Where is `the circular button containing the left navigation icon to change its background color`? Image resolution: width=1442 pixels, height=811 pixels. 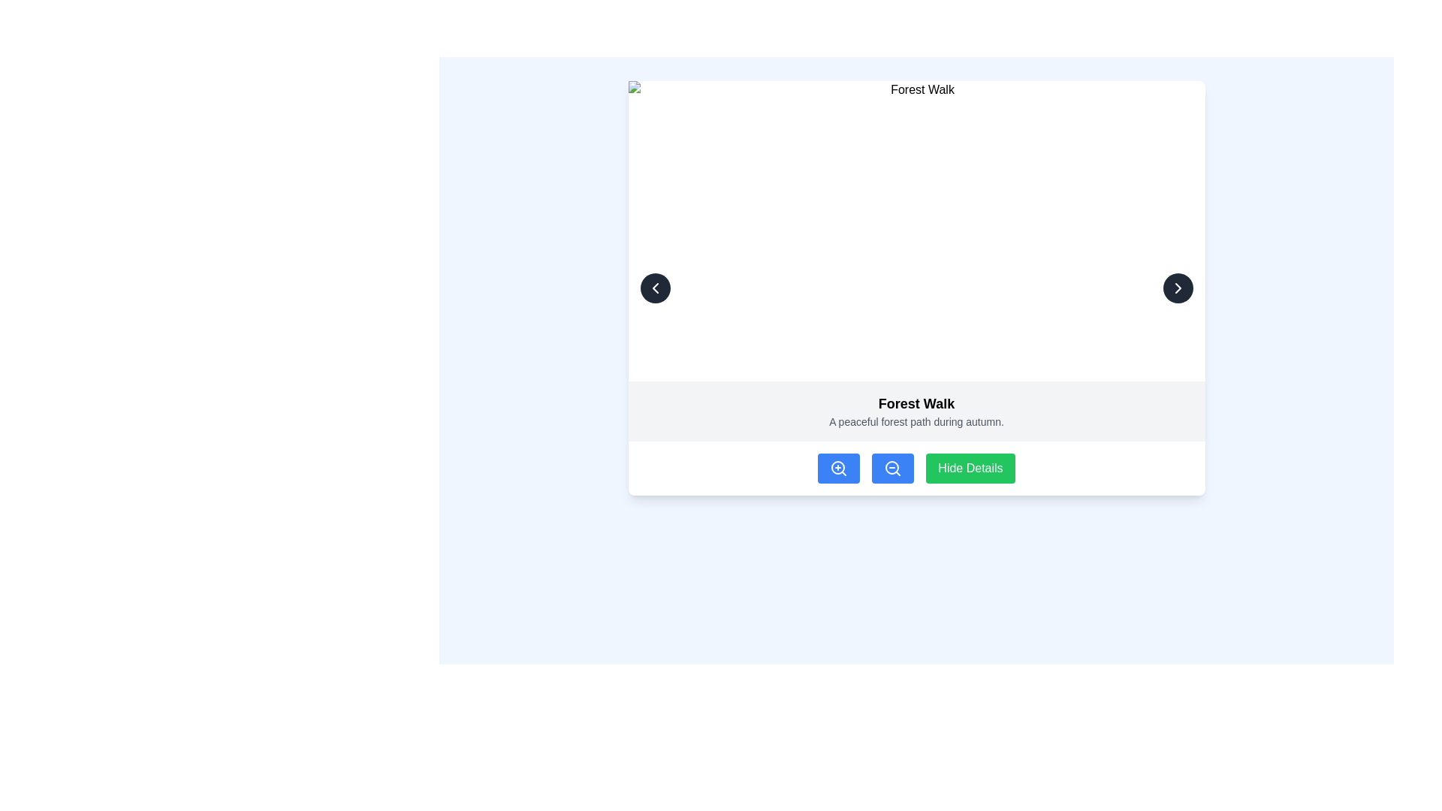 the circular button containing the left navigation icon to change its background color is located at coordinates (655, 288).